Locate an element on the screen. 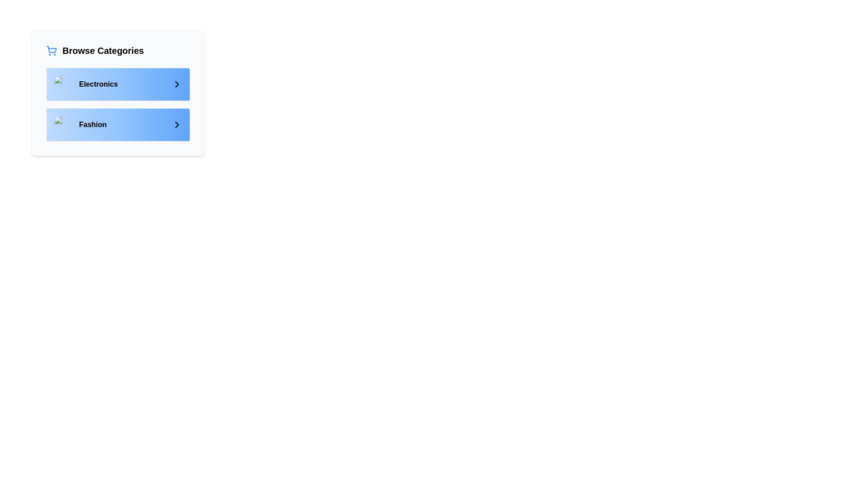  the shopping cart icon located in the top-left corner of the interface above the text 'Browse Categories' is located at coordinates (51, 49).